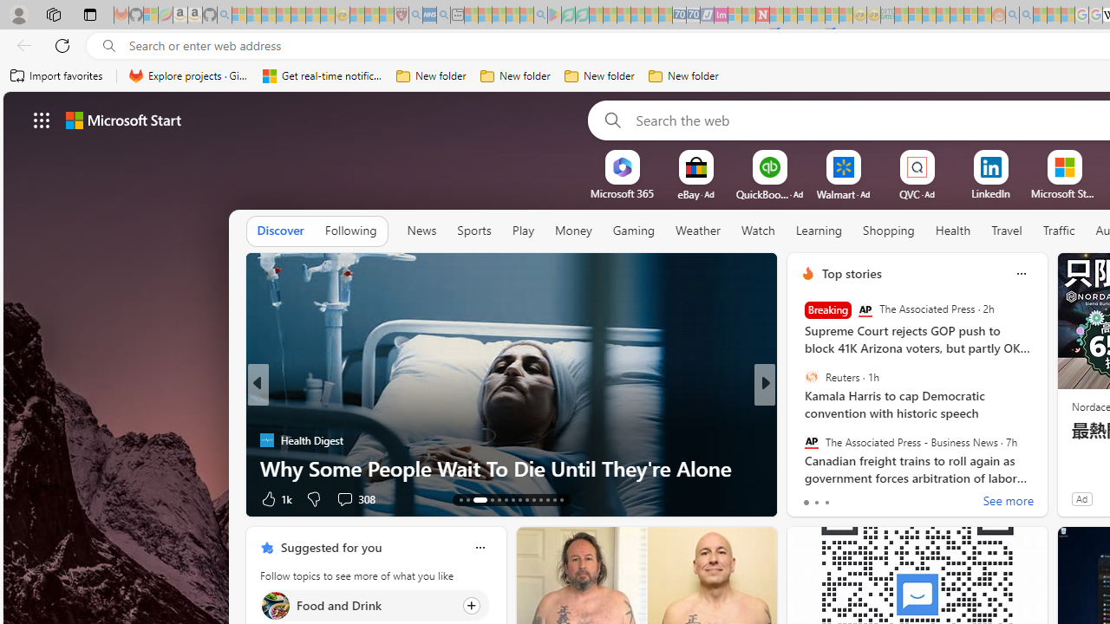 The width and height of the screenshot is (1110, 624). What do you see at coordinates (108, 45) in the screenshot?
I see `'Search icon'` at bounding box center [108, 45].